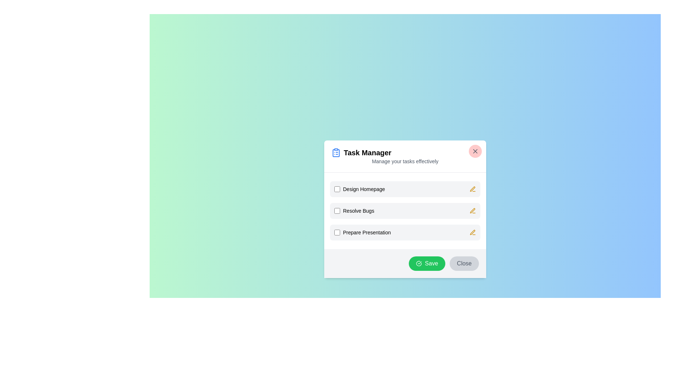 Image resolution: width=694 pixels, height=390 pixels. I want to click on the task manager icon located to the far left of the 'Task Manager' heading section, so click(336, 152).